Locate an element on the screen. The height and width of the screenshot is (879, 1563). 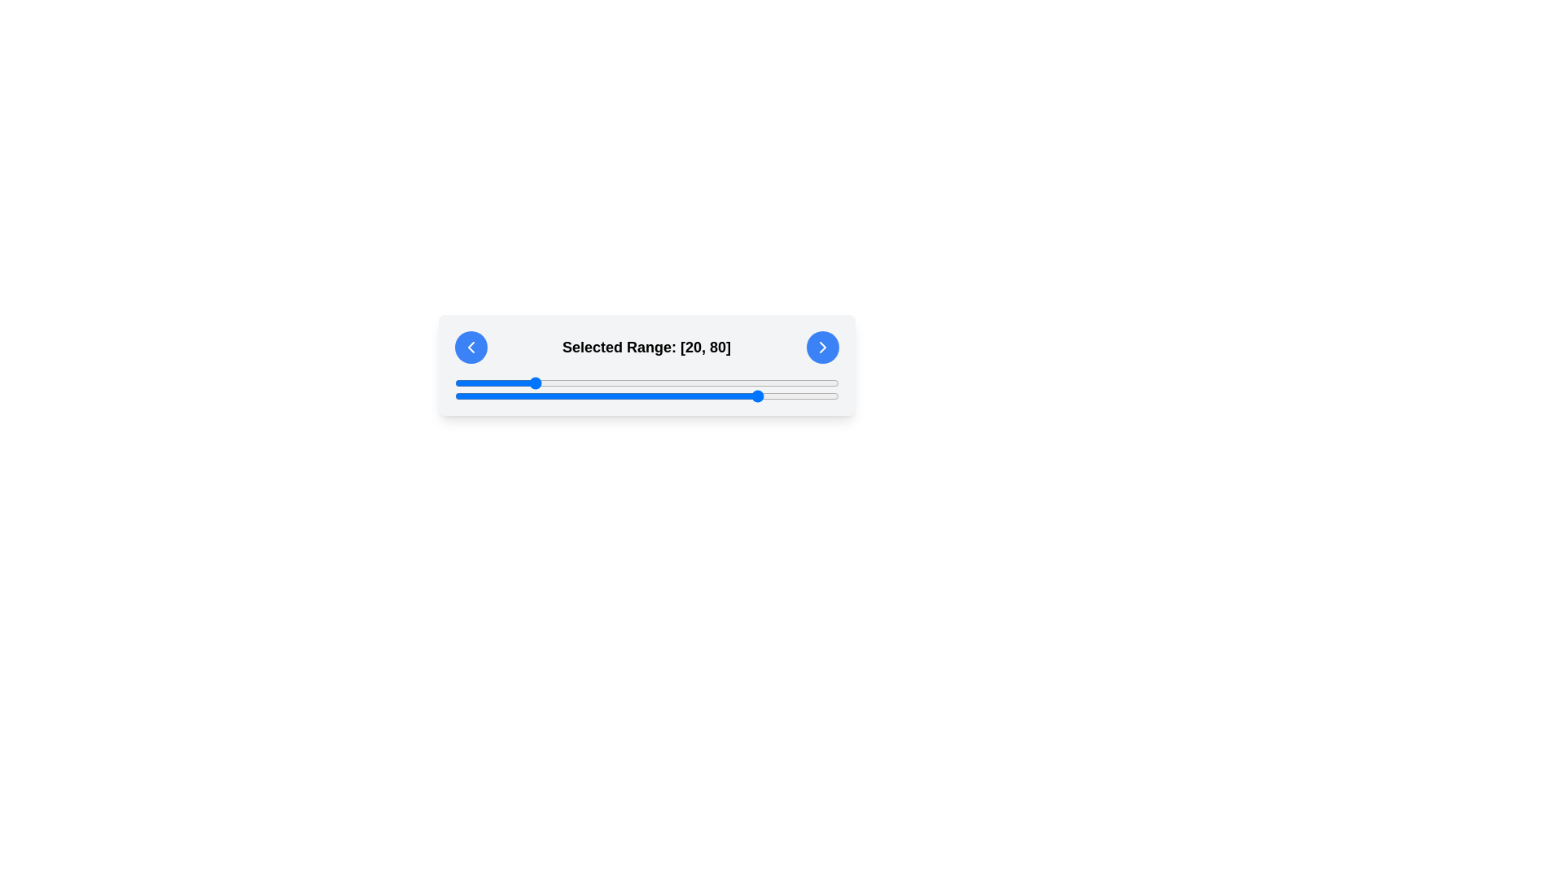
the slider is located at coordinates (757, 396).